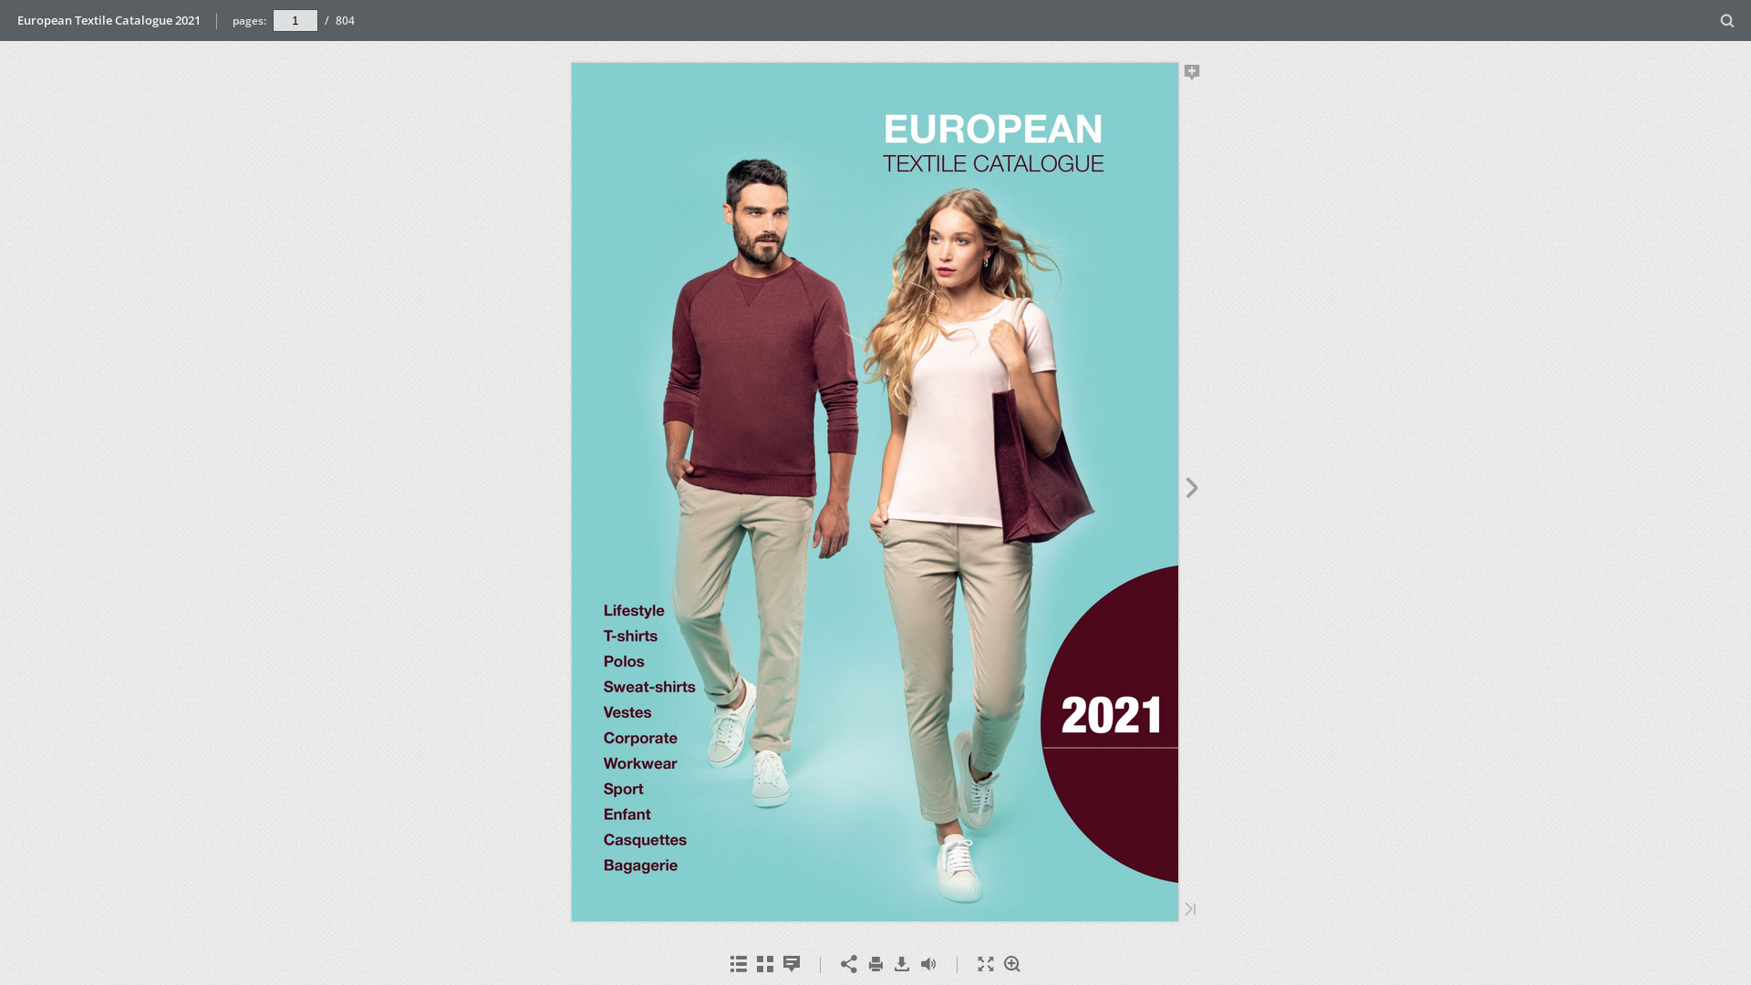  Describe the element at coordinates (998, 963) in the screenshot. I see `'Zoom In'` at that location.